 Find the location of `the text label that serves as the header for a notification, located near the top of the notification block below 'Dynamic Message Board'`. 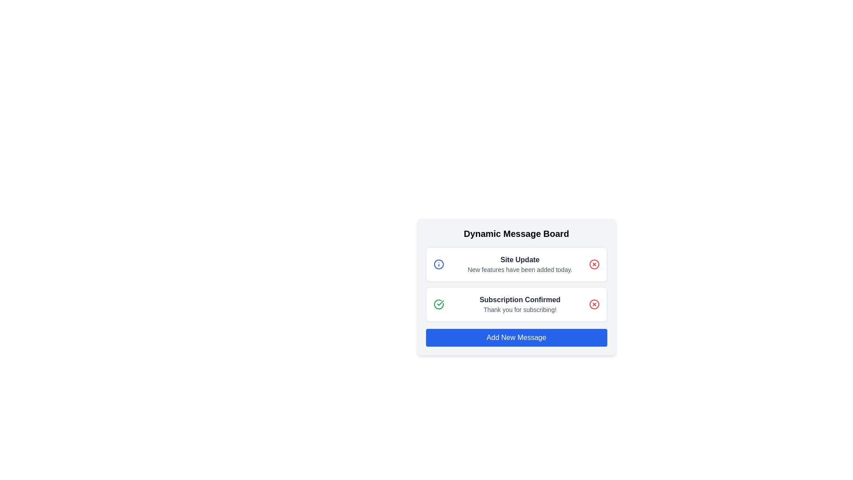

the text label that serves as the header for a notification, located near the top of the notification block below 'Dynamic Message Board' is located at coordinates (520, 260).